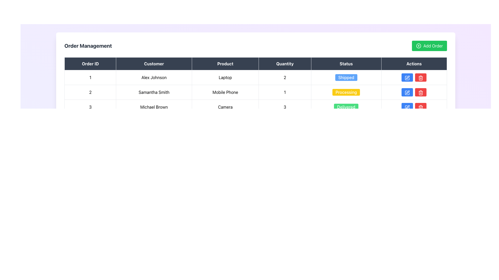  Describe the element at coordinates (407, 92) in the screenshot. I see `the blue square-shaped button with a pen-like figure in the 'Actions' column of the second row in the table` at that location.